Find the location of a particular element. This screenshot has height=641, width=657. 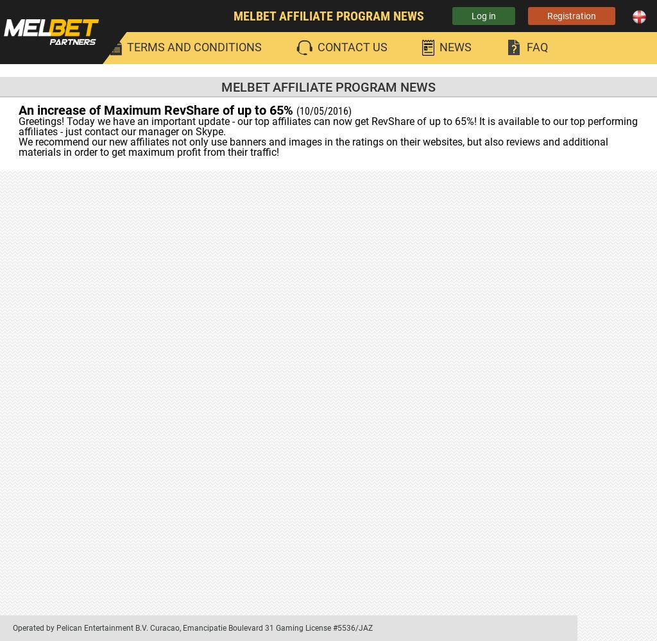

'(10/05/2016)' is located at coordinates (323, 111).